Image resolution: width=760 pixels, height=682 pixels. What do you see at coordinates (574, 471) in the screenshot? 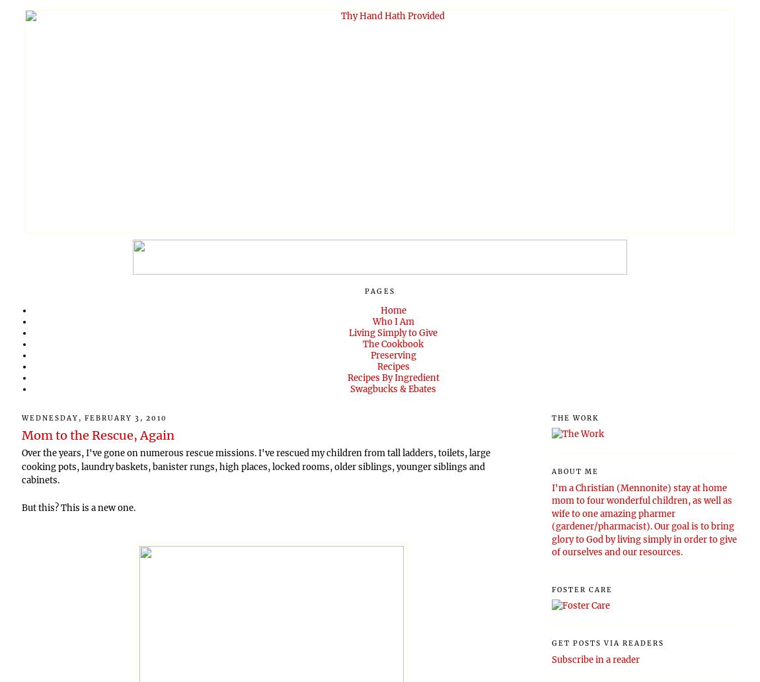
I see `'About Me'` at bounding box center [574, 471].